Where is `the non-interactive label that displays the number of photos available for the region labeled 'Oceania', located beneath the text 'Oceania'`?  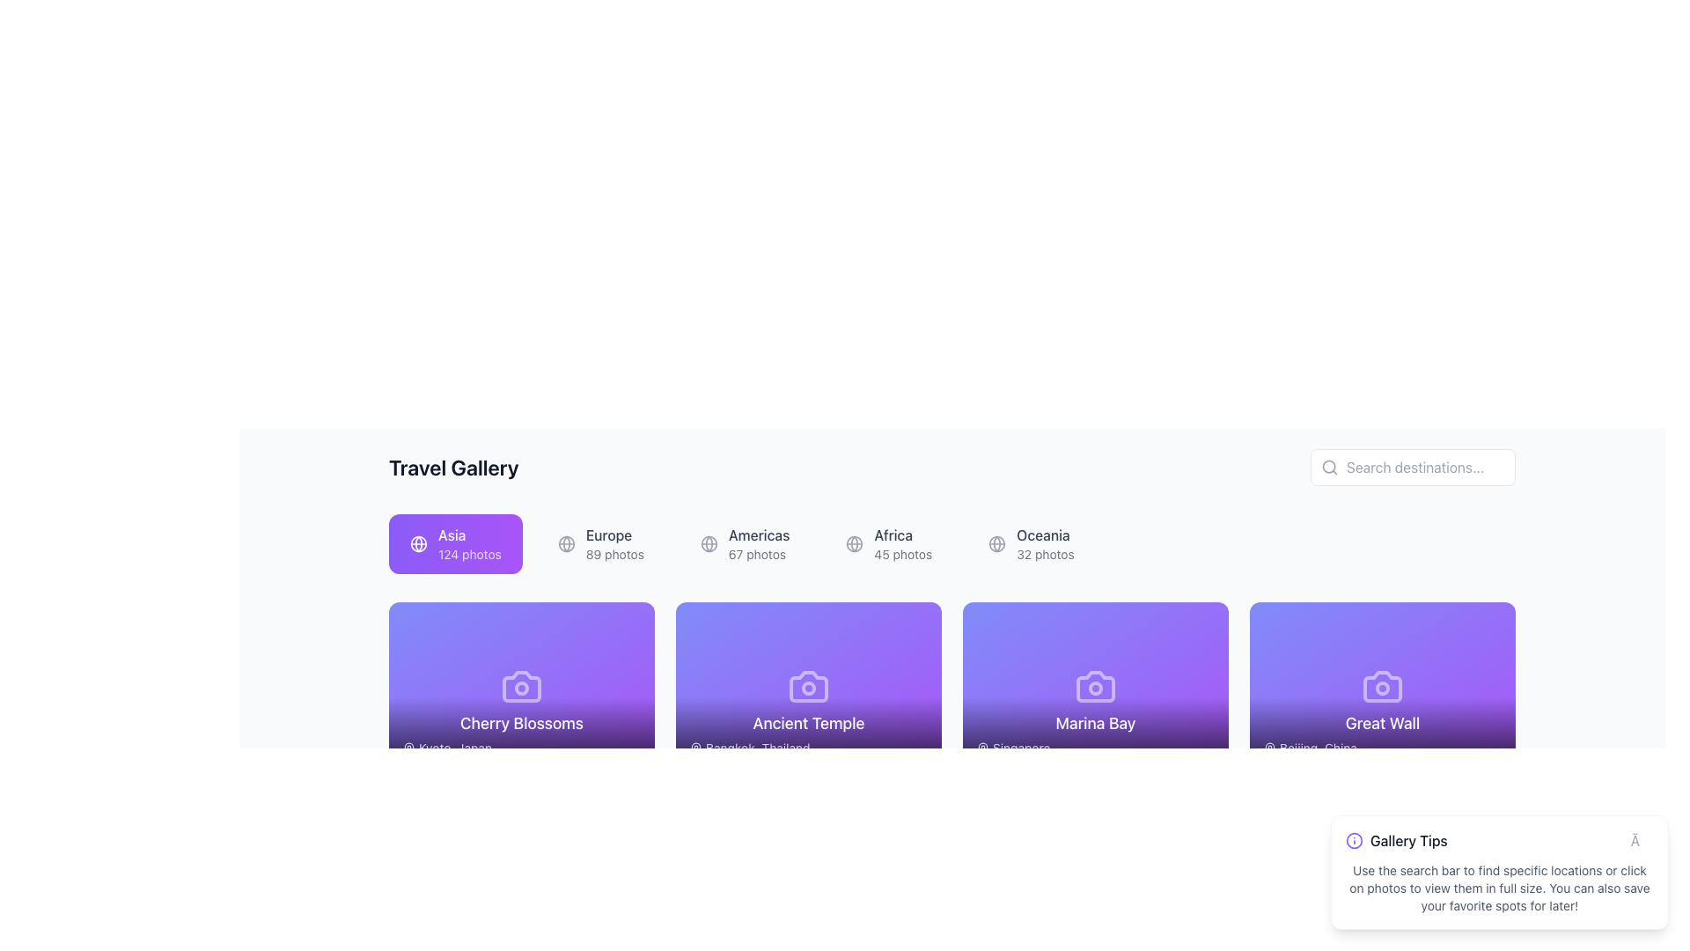 the non-interactive label that displays the number of photos available for the region labeled 'Oceania', located beneath the text 'Oceania' is located at coordinates (1045, 553).